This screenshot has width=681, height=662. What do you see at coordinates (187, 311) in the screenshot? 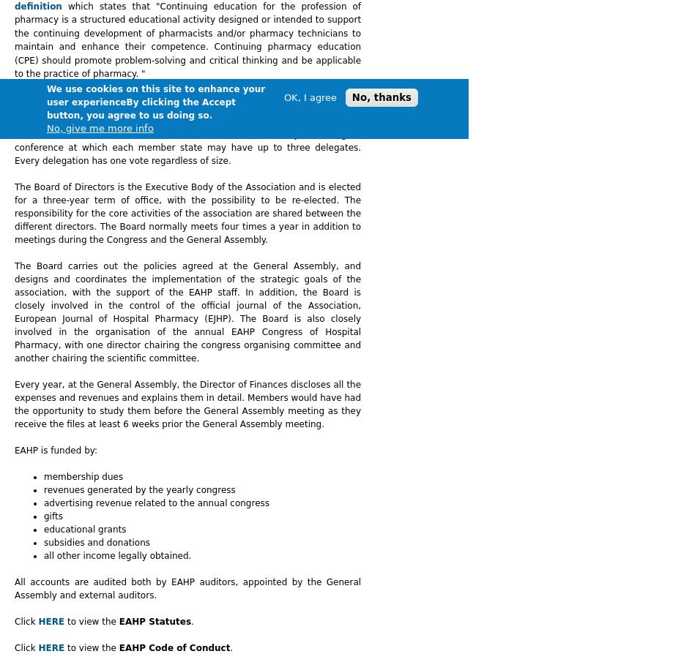
I see `'The Board carries out the policies agreed at the General Assembly, and designs and coordinates the implementation of the strategic goals of the association, with the support of the EAHP staff. In addition, the Board is closely involved in the control of the official journal of the Association, European Journal of Hospital Pharmacy (EJHP). The Board is also closely involved in the organisation of the annual EAHP Congress of Hospital Pharmacy, with one director chairing the congress organising committee and another chairing the scientific committee.'` at bounding box center [187, 311].